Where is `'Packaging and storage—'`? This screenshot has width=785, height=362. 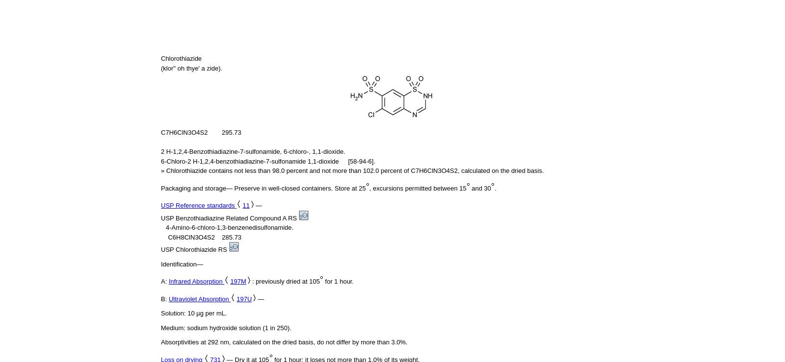
'Packaging and storage—' is located at coordinates (196, 188).